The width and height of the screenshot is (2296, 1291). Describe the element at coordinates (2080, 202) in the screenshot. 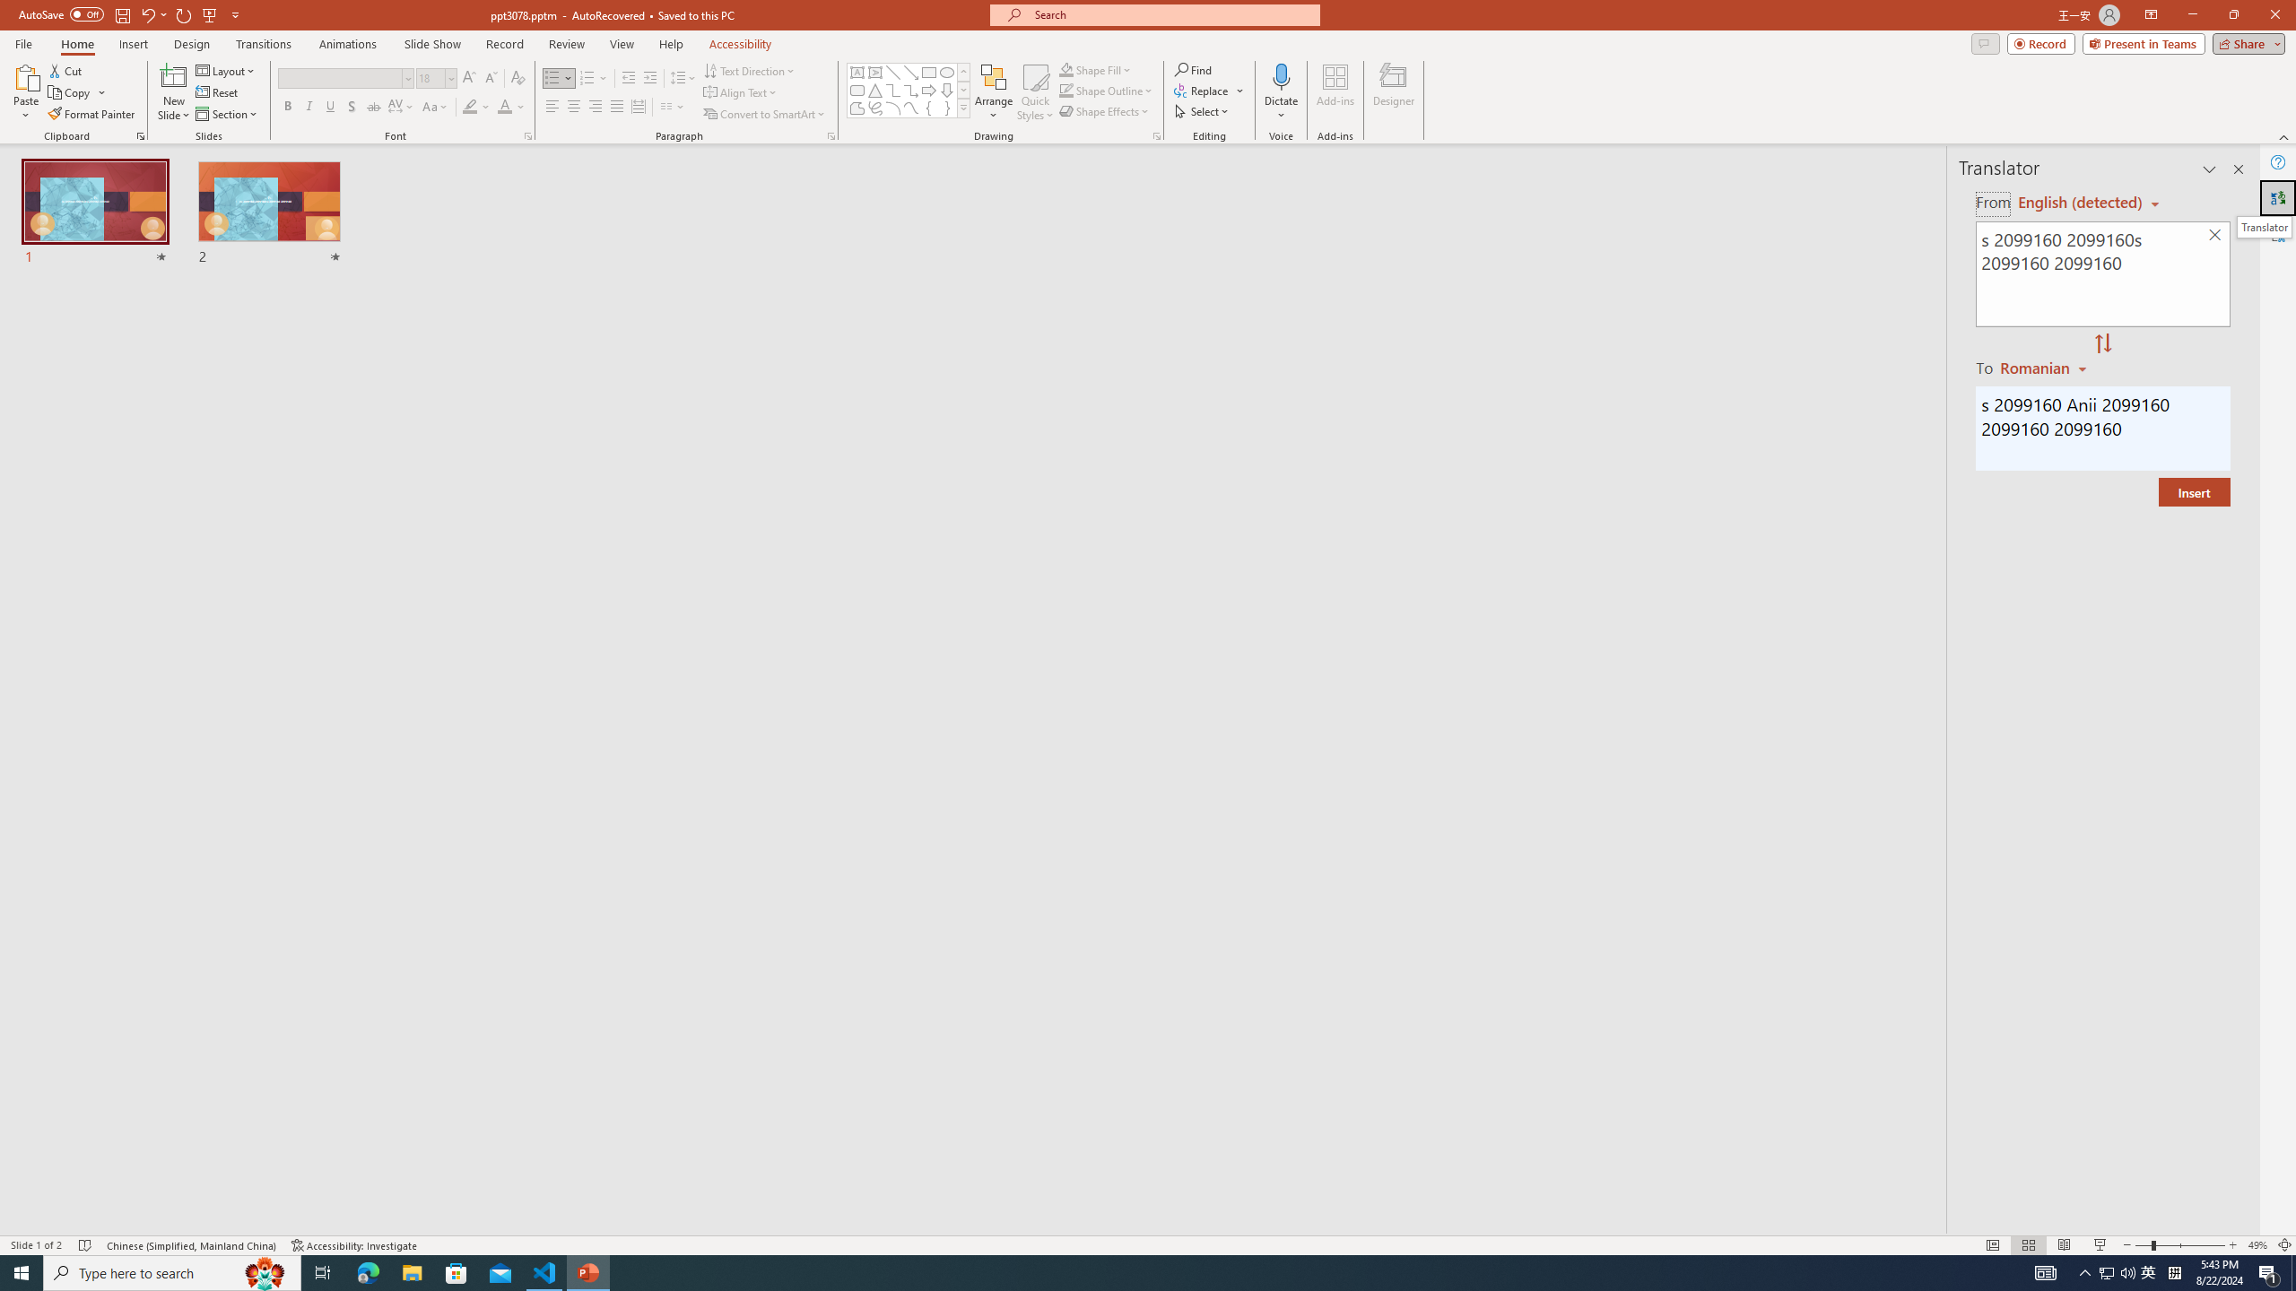

I see `'Czech (detected)'` at that location.